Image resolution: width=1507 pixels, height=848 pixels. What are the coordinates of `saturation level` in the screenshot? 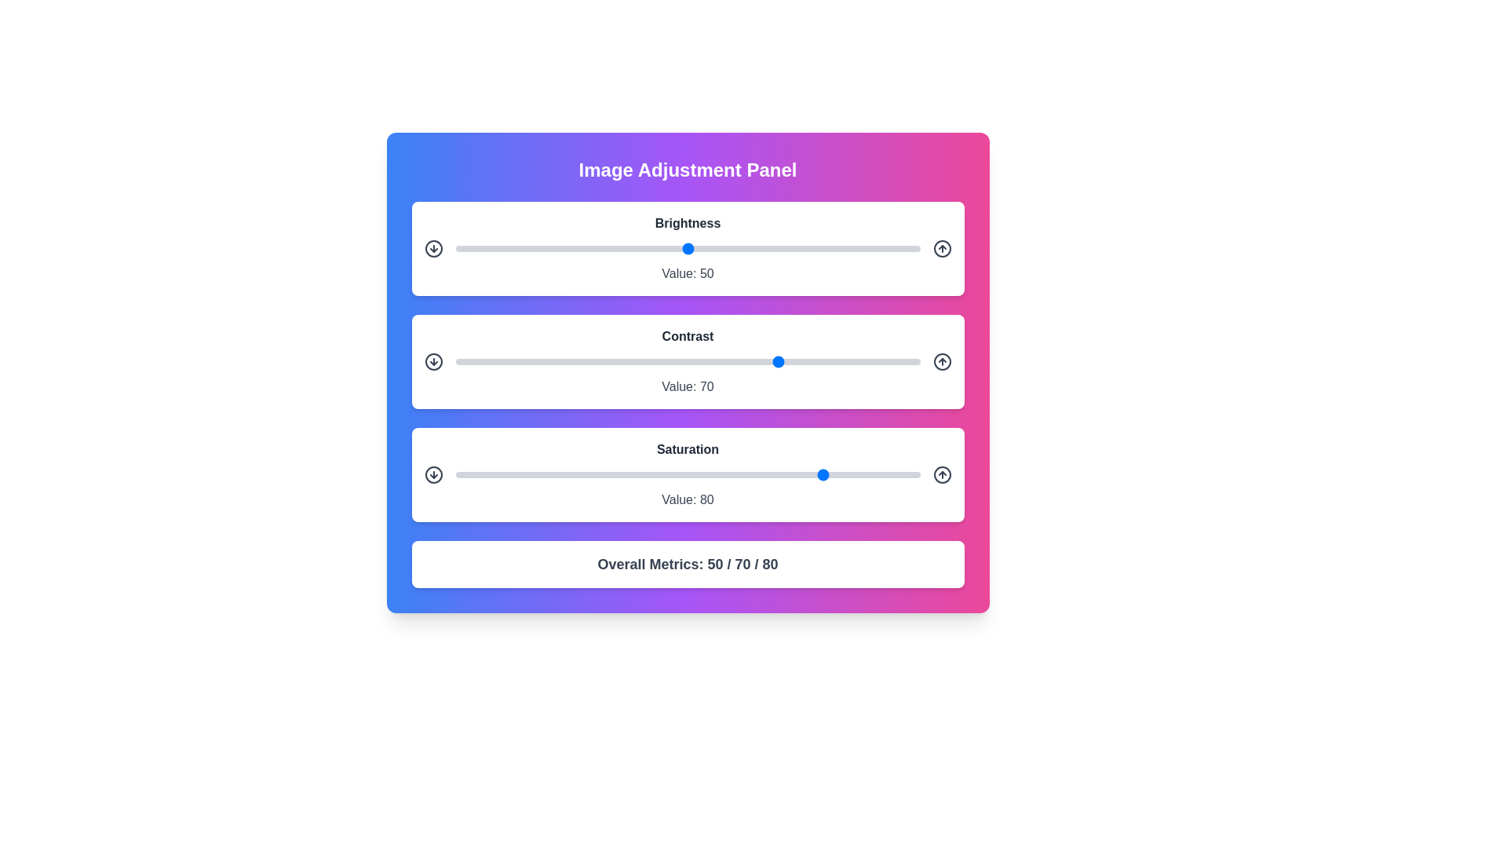 It's located at (608, 474).